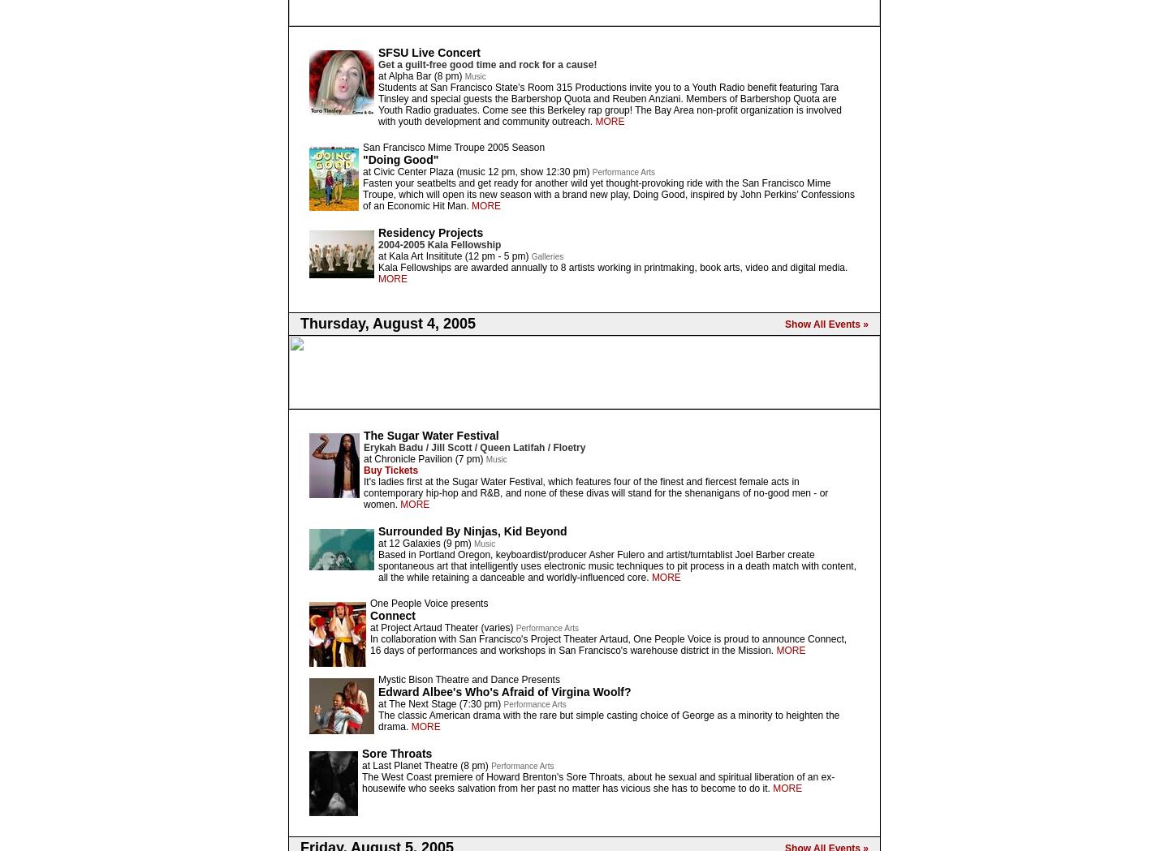 This screenshot has width=1169, height=851. I want to click on 'The West Coast premiere of Howard Brenton's Sore Throats, about he sexual and spiritual liberation of an ex-housewife who seeks salvation from her past no matter has vicious she has to become to do it.', so click(597, 782).